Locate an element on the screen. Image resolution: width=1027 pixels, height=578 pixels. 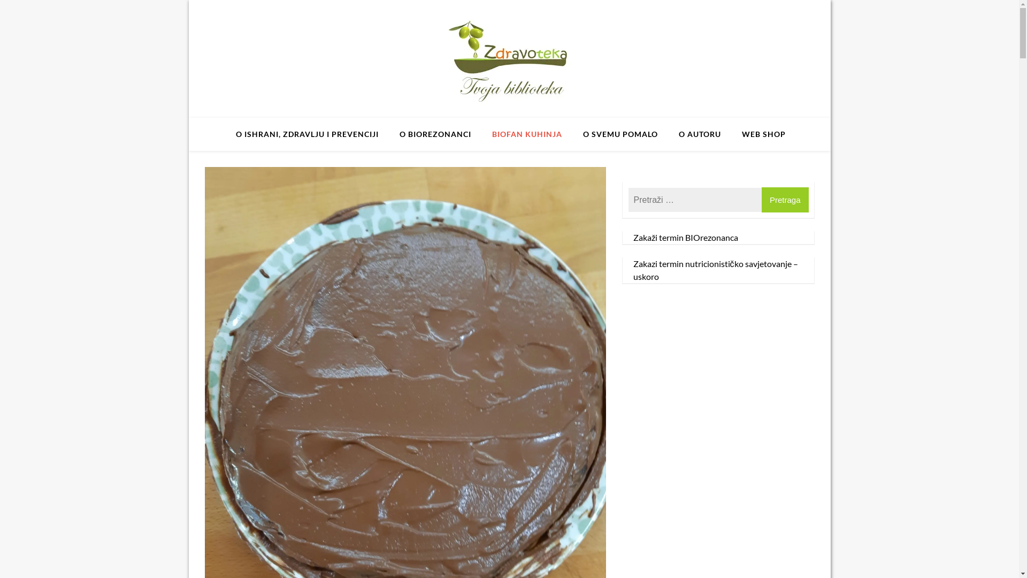
'O ISHRANI, ZDRAVLJU I PREVENCIJI' is located at coordinates (306, 133).